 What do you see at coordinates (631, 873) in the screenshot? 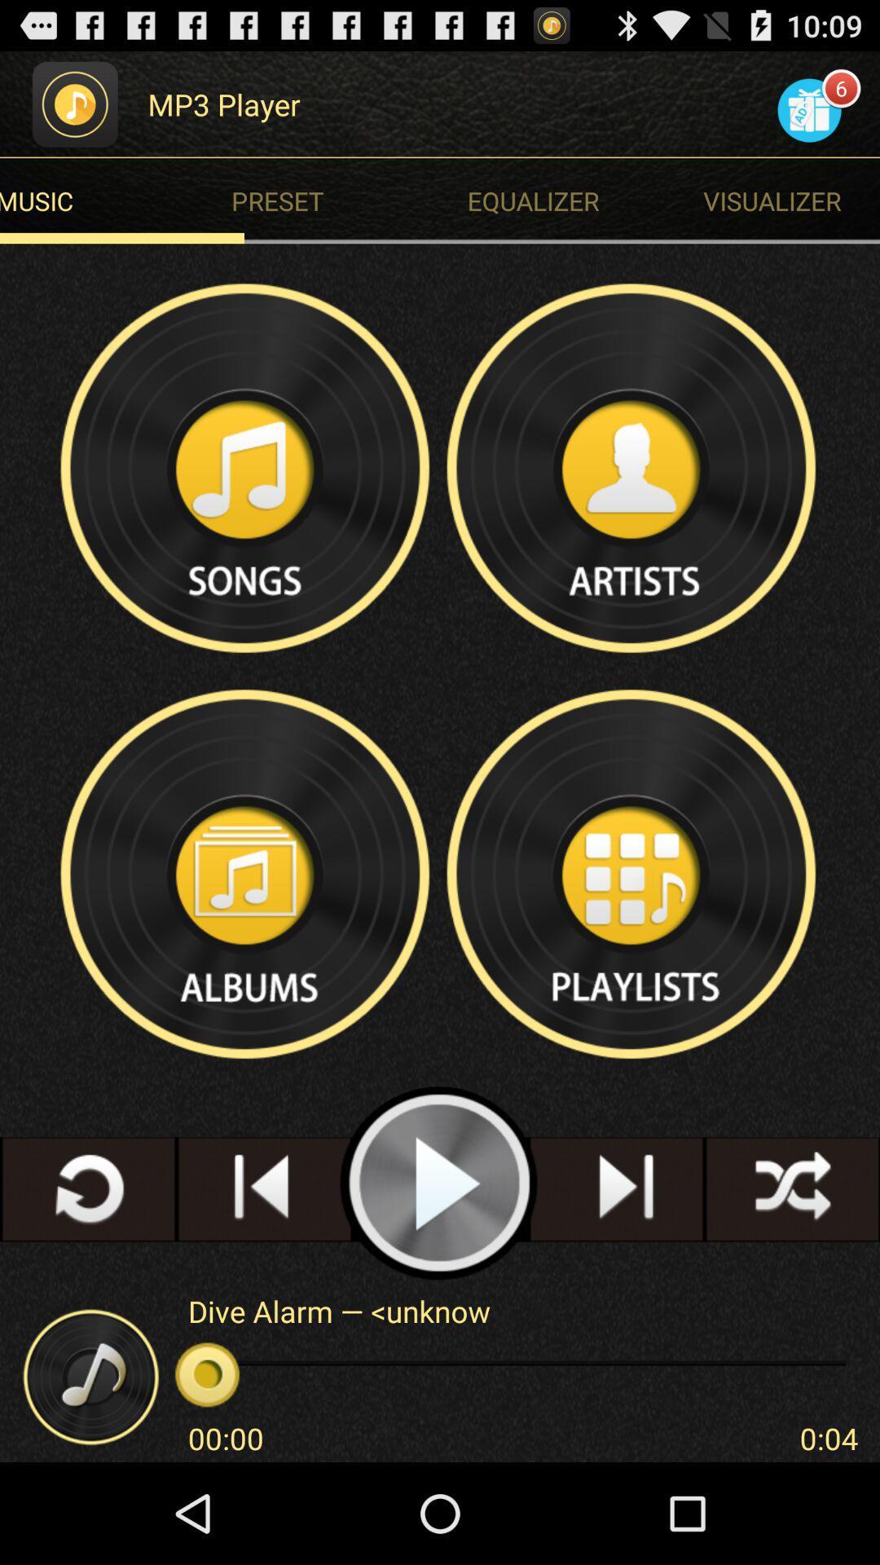
I see `open playlist` at bounding box center [631, 873].